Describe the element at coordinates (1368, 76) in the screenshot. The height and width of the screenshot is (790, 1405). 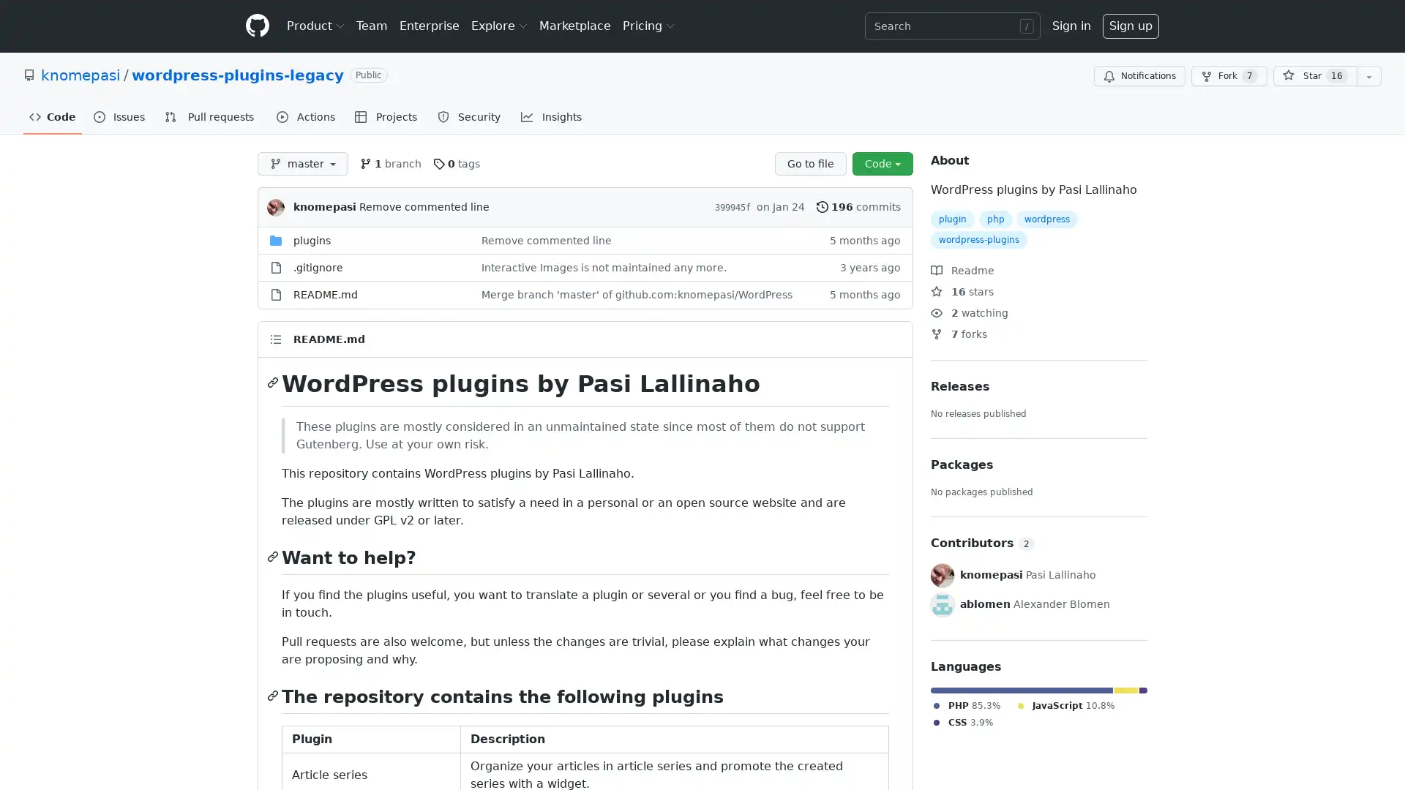
I see `You must be signed in to add this repository to a list` at that location.